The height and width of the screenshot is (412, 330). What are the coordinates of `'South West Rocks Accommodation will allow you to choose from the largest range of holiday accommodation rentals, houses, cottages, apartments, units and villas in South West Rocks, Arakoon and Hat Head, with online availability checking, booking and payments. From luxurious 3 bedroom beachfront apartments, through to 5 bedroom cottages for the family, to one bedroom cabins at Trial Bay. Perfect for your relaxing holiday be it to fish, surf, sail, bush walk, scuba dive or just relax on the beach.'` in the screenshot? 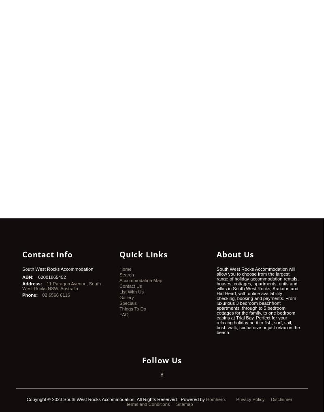 It's located at (258, 300).